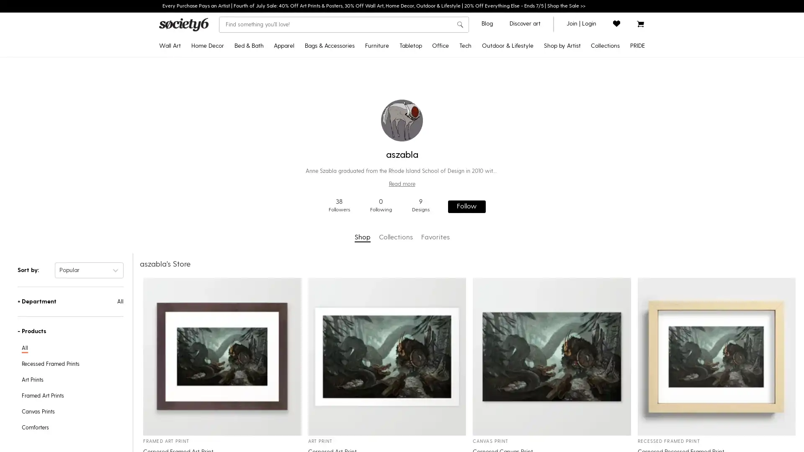  I want to click on Discover Black Artists, so click(574, 108).